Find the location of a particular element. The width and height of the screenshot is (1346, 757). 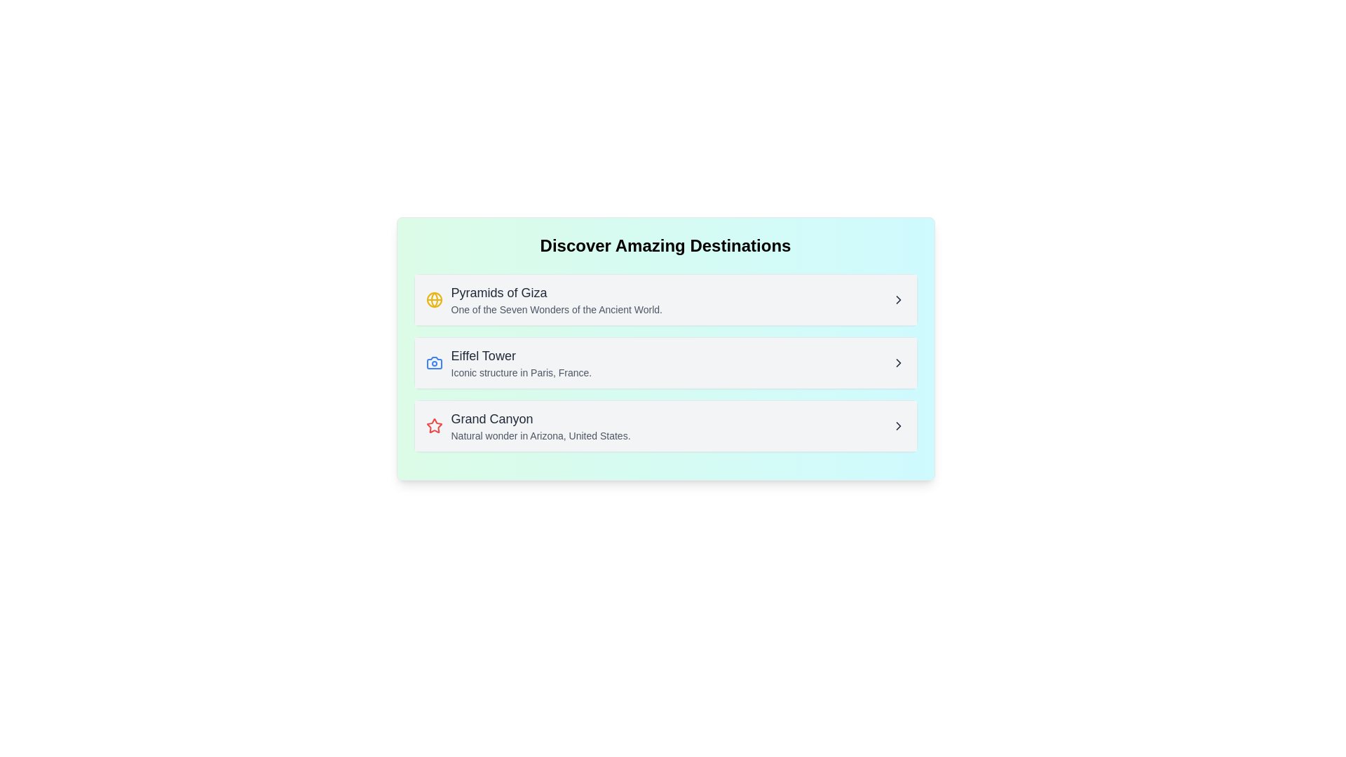

the 'Grand Canyon' list item located between the 'Eiffel Tower' and the next item in the 'Discover Amazing Destinations' section is located at coordinates (527, 425).